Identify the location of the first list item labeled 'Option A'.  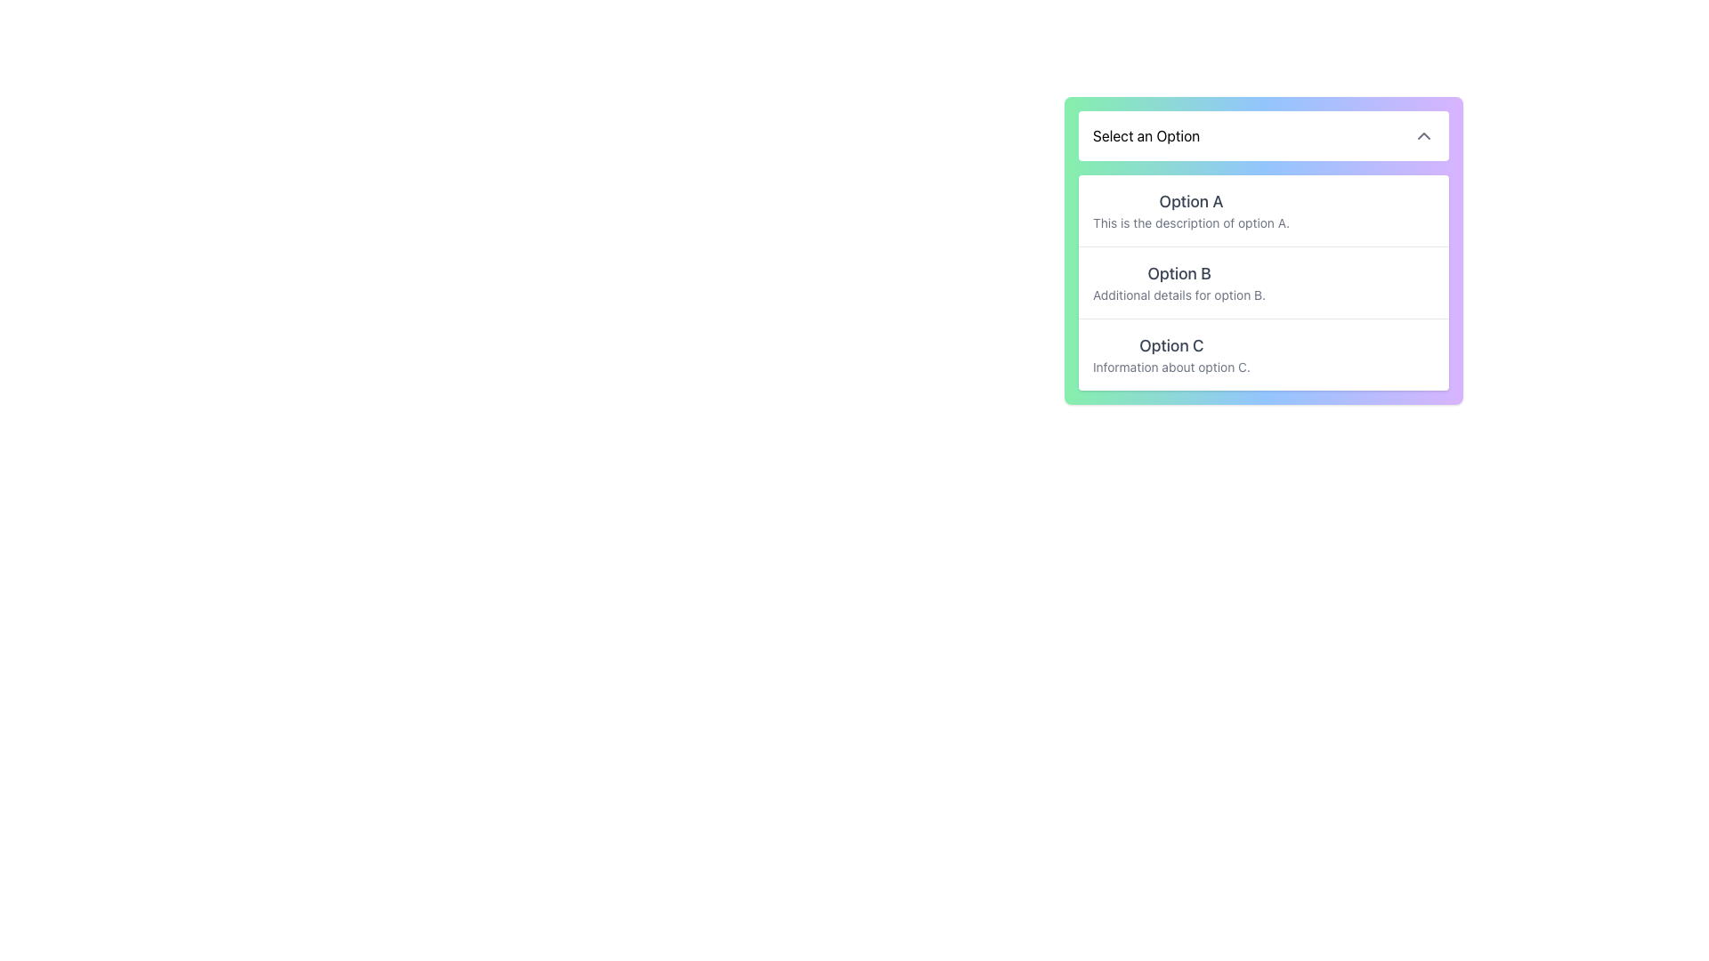
(1191, 209).